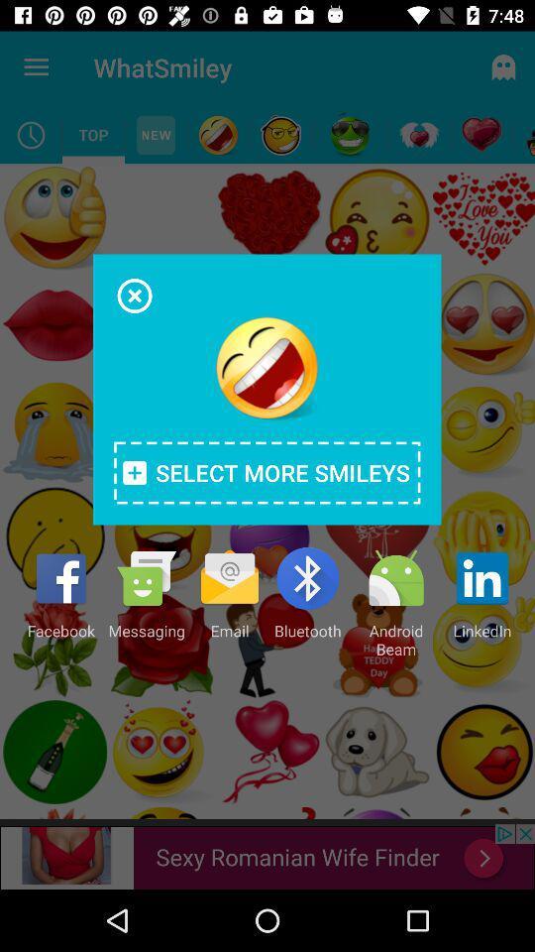 This screenshot has height=952, width=535. What do you see at coordinates (134, 295) in the screenshot?
I see `pop up` at bounding box center [134, 295].